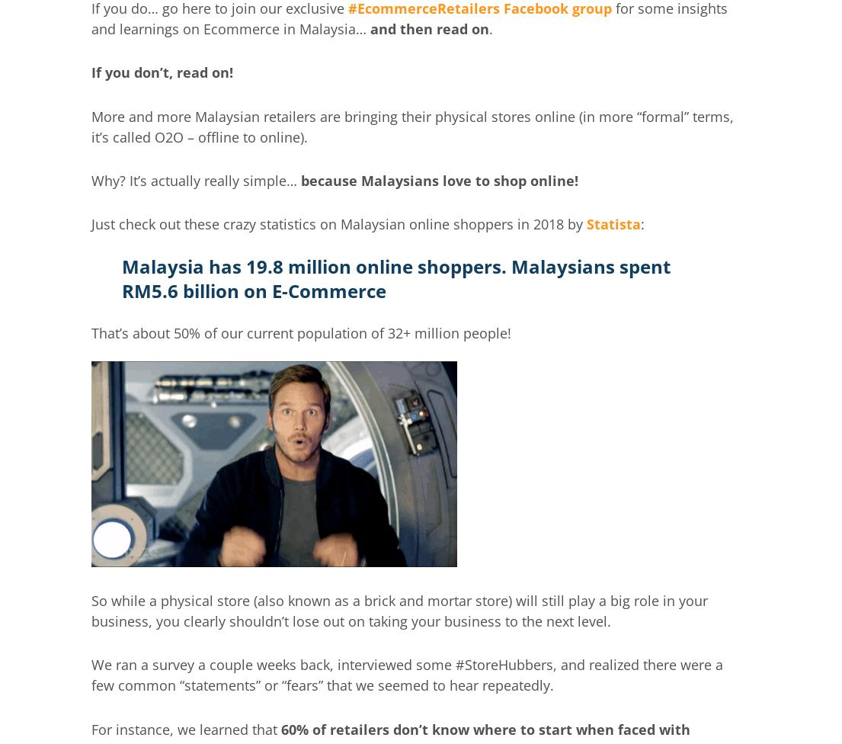 This screenshot has width=842, height=744. I want to click on 'So while a physical store (also known as a brick and mortar store) will still play a big role in your business, you clearly shouldn’t lose out on taking your business to the next level.', so click(91, 610).